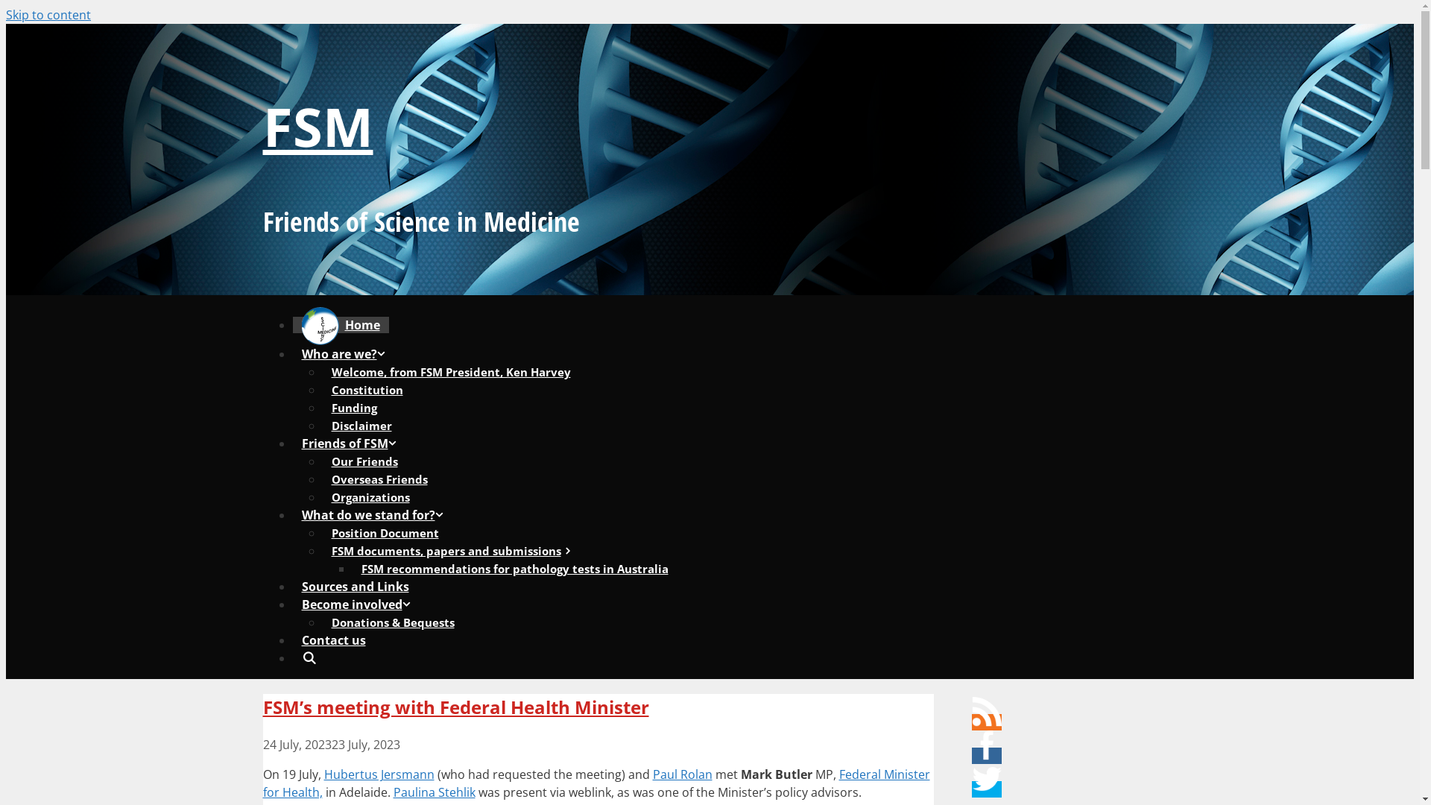  I want to click on 'Constitution', so click(366, 389).